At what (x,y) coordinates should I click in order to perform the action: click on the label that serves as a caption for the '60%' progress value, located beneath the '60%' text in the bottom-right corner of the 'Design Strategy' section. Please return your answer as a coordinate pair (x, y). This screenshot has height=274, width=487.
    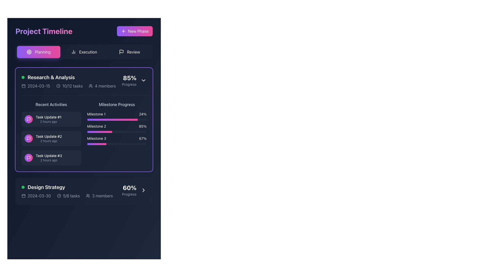
    Looking at the image, I should click on (129, 194).